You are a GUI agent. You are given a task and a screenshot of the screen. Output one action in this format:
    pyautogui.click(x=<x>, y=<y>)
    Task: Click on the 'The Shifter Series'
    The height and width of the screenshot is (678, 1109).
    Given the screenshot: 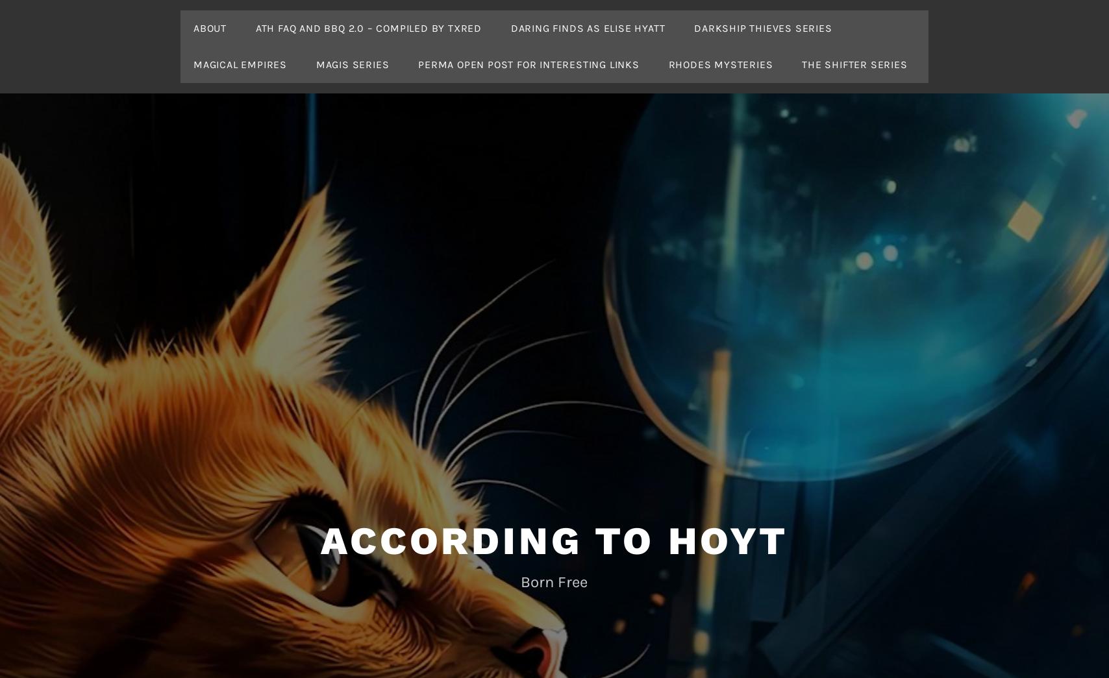 What is the action you would take?
    pyautogui.click(x=854, y=64)
    